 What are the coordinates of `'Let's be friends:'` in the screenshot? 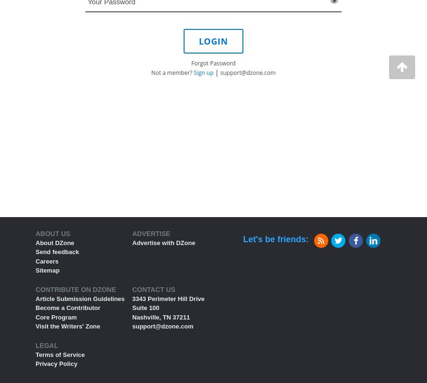 It's located at (276, 239).